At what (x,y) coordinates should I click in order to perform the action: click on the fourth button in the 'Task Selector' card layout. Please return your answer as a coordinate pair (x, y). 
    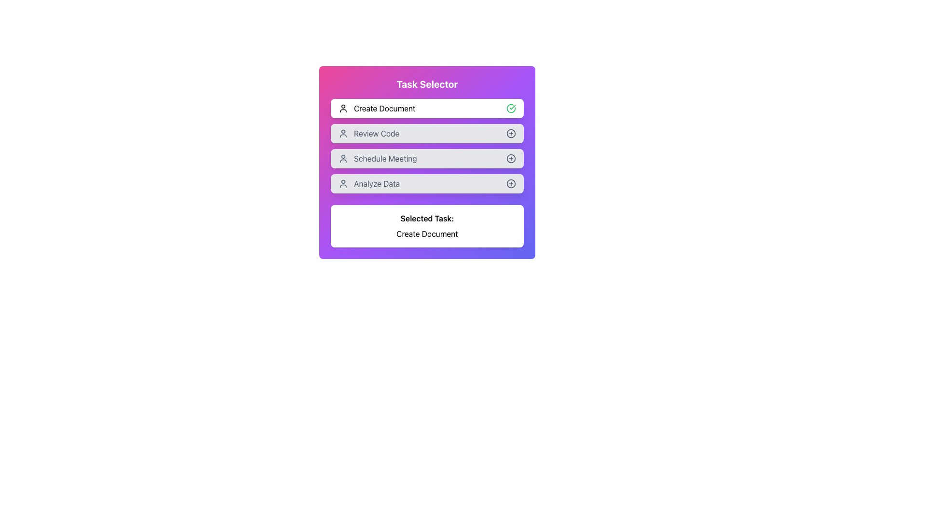
    Looking at the image, I should click on (427, 184).